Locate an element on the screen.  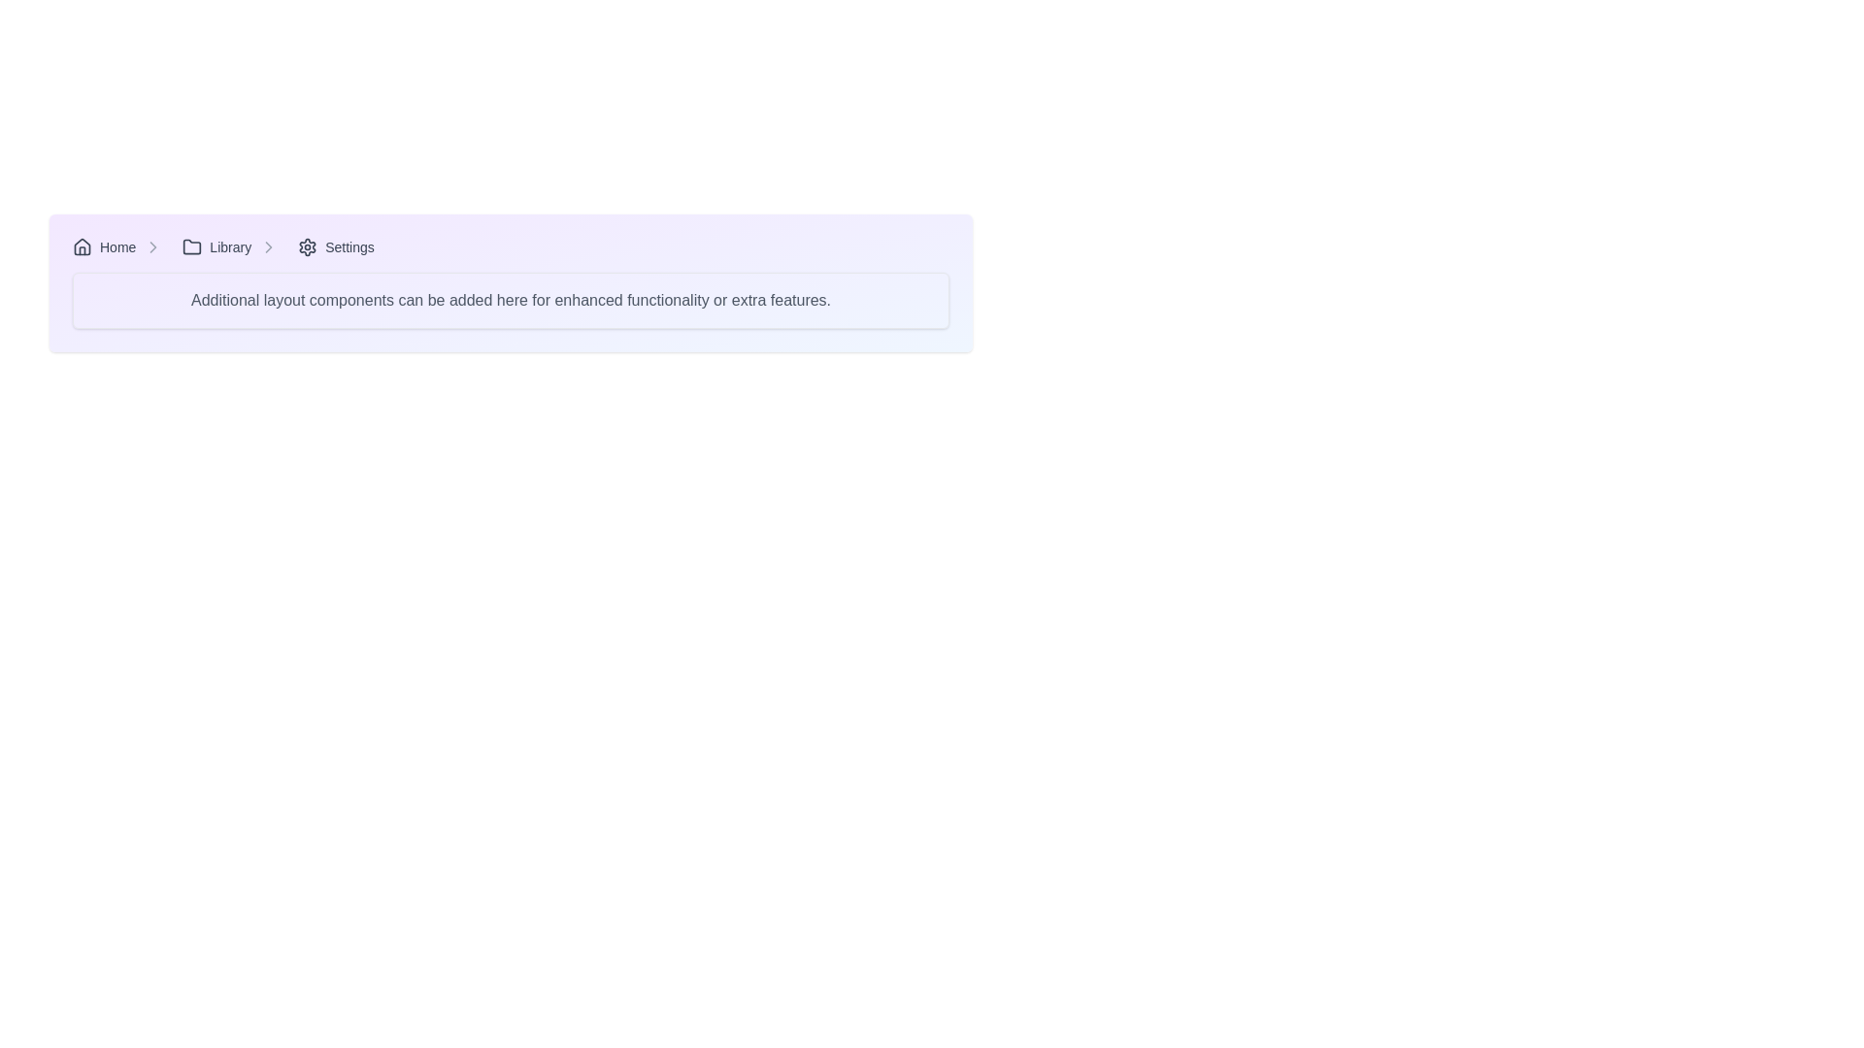
text label 'Library' which is part of the breadcrumb navigation bar, positioned second among menu items is located at coordinates (230, 246).